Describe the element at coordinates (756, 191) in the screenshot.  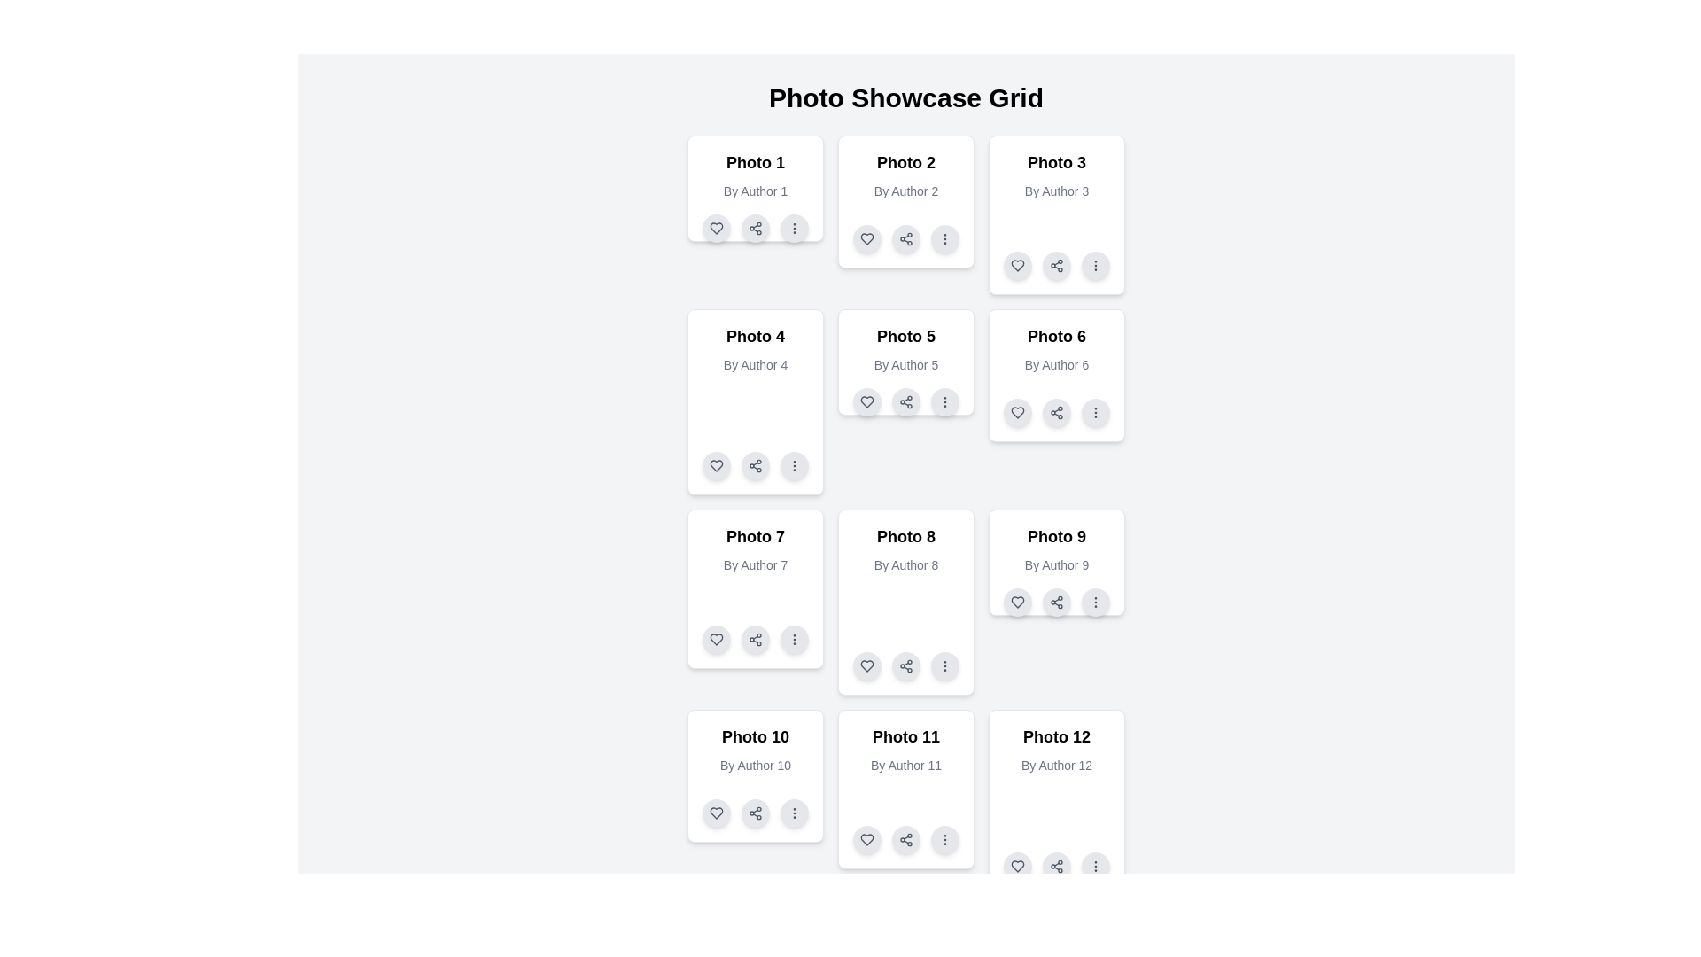
I see `the Text Label element reading 'By Author 1', which is styled with a small font size and gray color, located in the first card beneath the 'Photo 1' title` at that location.